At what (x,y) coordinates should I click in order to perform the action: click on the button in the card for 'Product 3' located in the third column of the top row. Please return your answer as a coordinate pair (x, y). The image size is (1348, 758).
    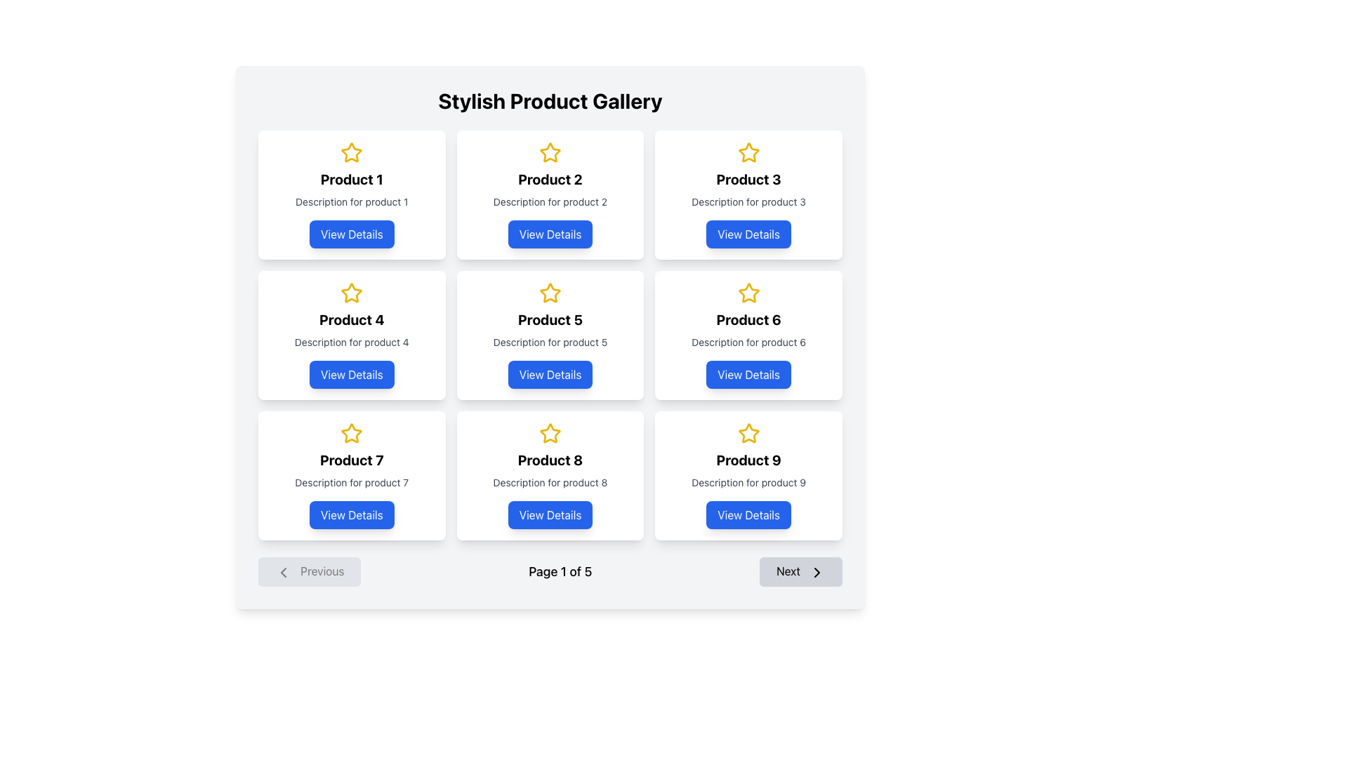
    Looking at the image, I should click on (748, 234).